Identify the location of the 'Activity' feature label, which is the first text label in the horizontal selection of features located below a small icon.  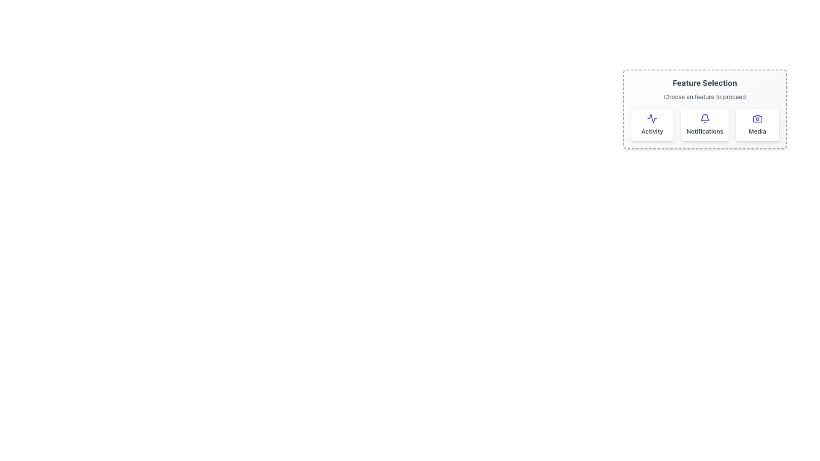
(652, 131).